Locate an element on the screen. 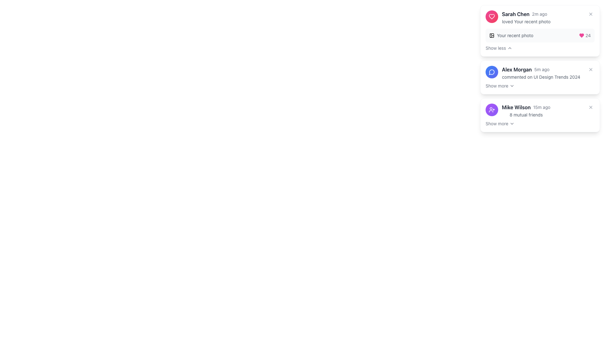 This screenshot has width=605, height=340. descriptive text related to the notification located in the top notification card, positioned to the right of a small image icon and underneath the main notification text 'Sarah Chen loved Your recent photo' is located at coordinates (515, 35).